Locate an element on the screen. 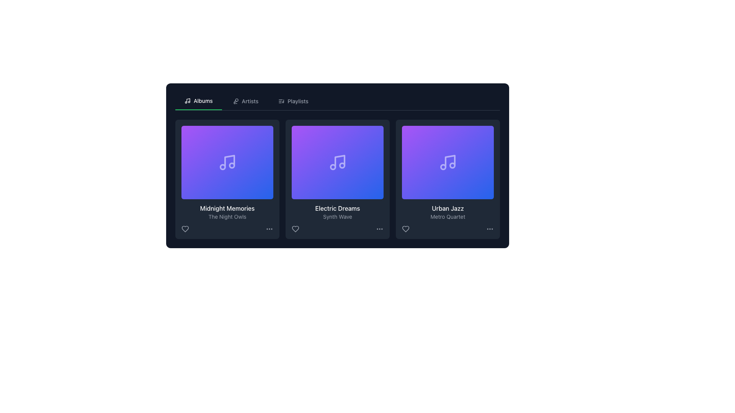 The image size is (735, 413). the heart icon button with a gray outline located in the bottom-left corner of the third card representing the album 'Urban Jazz' to mark it as a favorite is located at coordinates (405, 228).